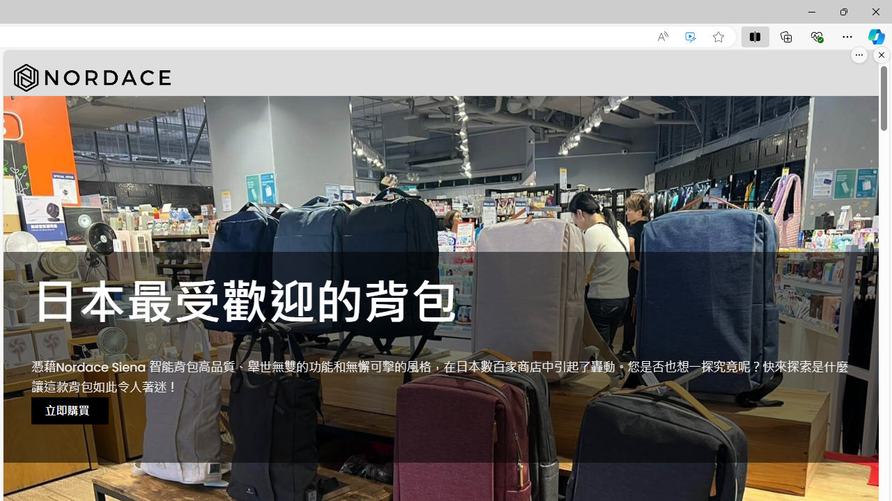 The width and height of the screenshot is (892, 501). What do you see at coordinates (718, 36) in the screenshot?
I see `'Add this page to favorites (Ctrl+D)'` at bounding box center [718, 36].